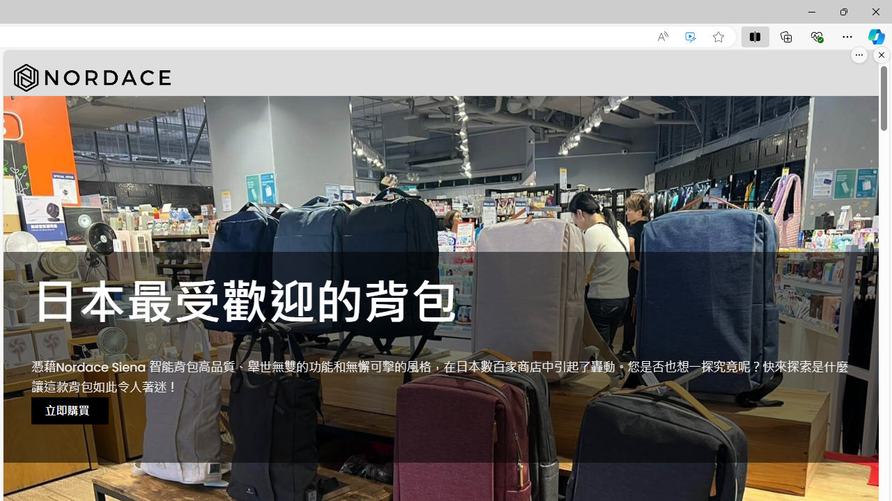 The width and height of the screenshot is (892, 501). What do you see at coordinates (718, 36) in the screenshot?
I see `'Add this page to favorites (Ctrl+D)'` at bounding box center [718, 36].